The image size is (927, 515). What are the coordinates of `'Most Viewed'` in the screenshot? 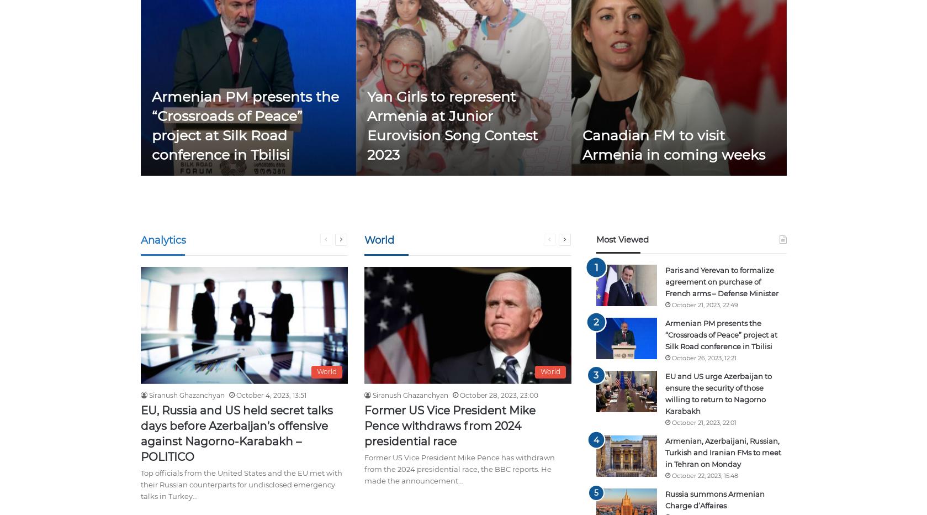 It's located at (621, 239).